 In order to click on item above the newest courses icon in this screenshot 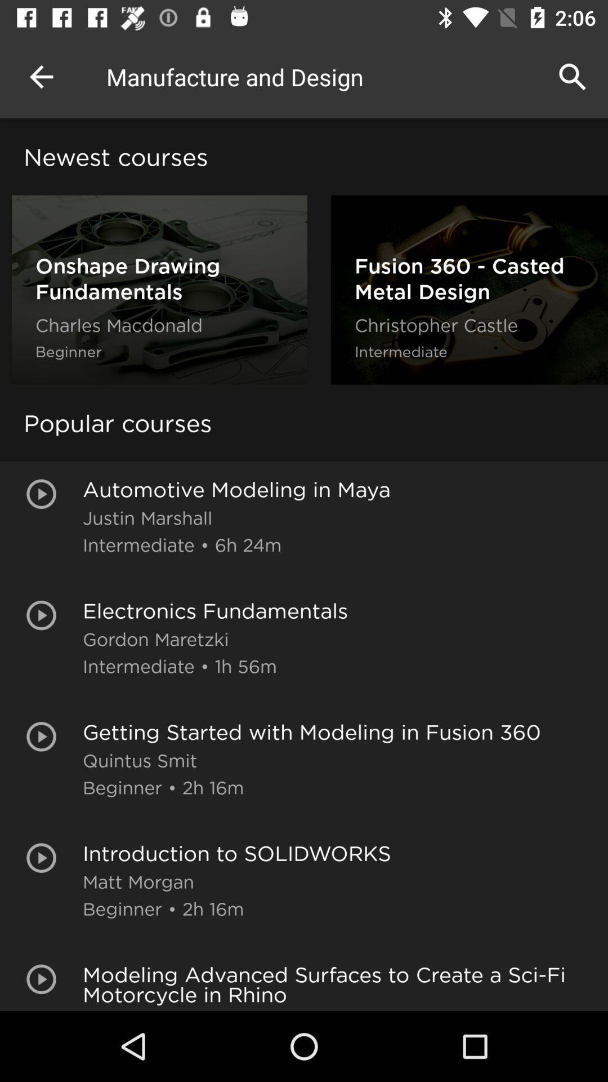, I will do `click(41, 76)`.